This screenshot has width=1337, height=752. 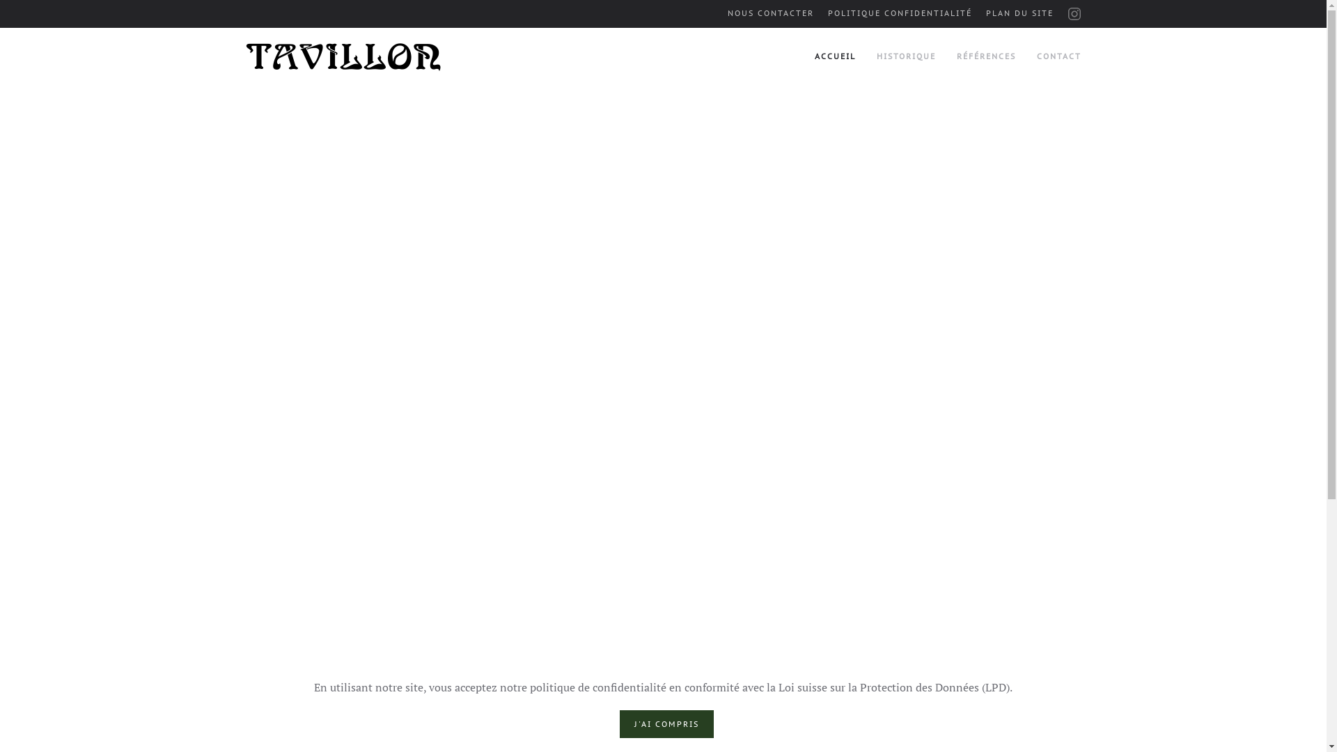 I want to click on 'TAVILLON', so click(x=343, y=56).